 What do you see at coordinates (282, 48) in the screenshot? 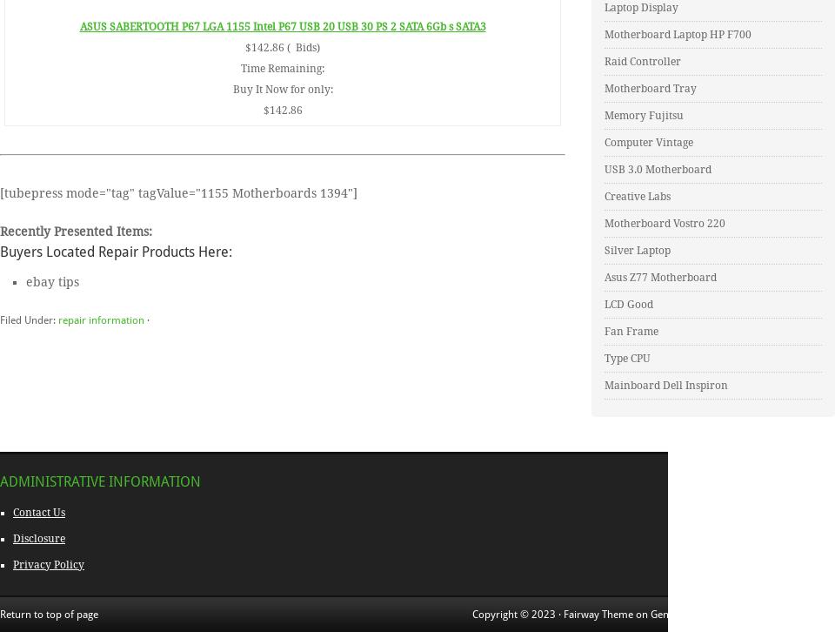
I see `'$142.86 (  Bids)'` at bounding box center [282, 48].